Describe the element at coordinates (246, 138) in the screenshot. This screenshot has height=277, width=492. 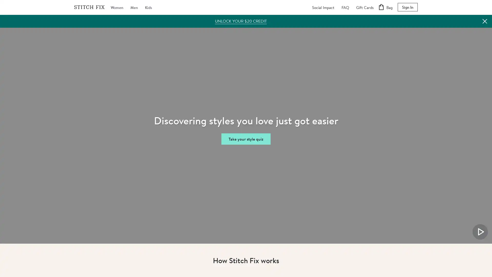
I see `Take your style quiz` at that location.